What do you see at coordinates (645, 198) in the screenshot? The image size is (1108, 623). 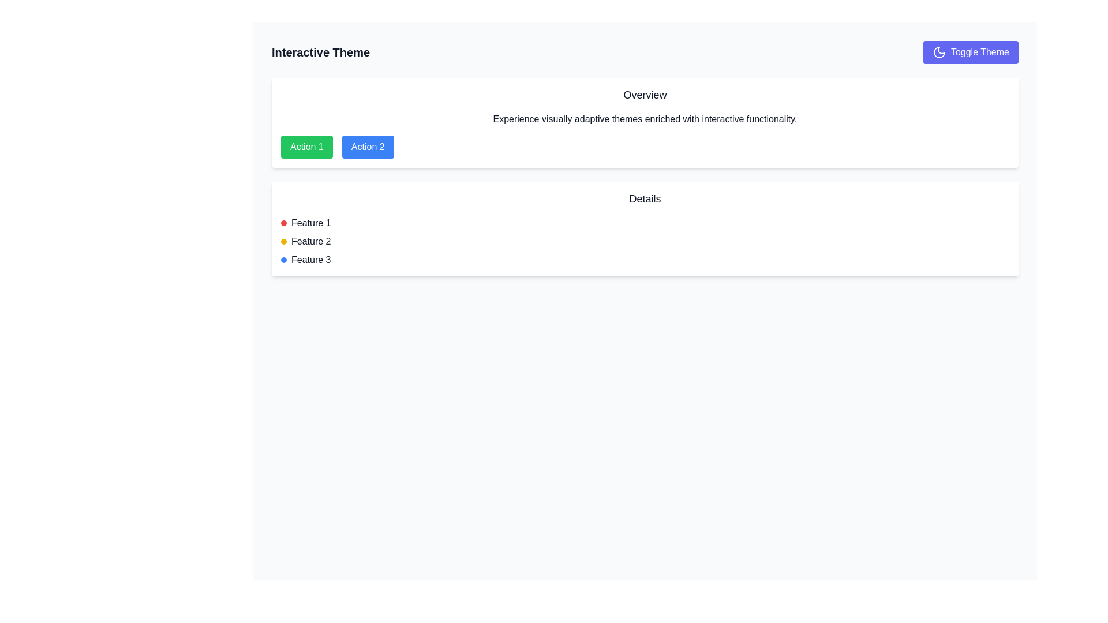 I see `the Text Label that serves as a heading for the section containing detailed information about specific features, positioned centrally just below the 'Overview' section` at bounding box center [645, 198].